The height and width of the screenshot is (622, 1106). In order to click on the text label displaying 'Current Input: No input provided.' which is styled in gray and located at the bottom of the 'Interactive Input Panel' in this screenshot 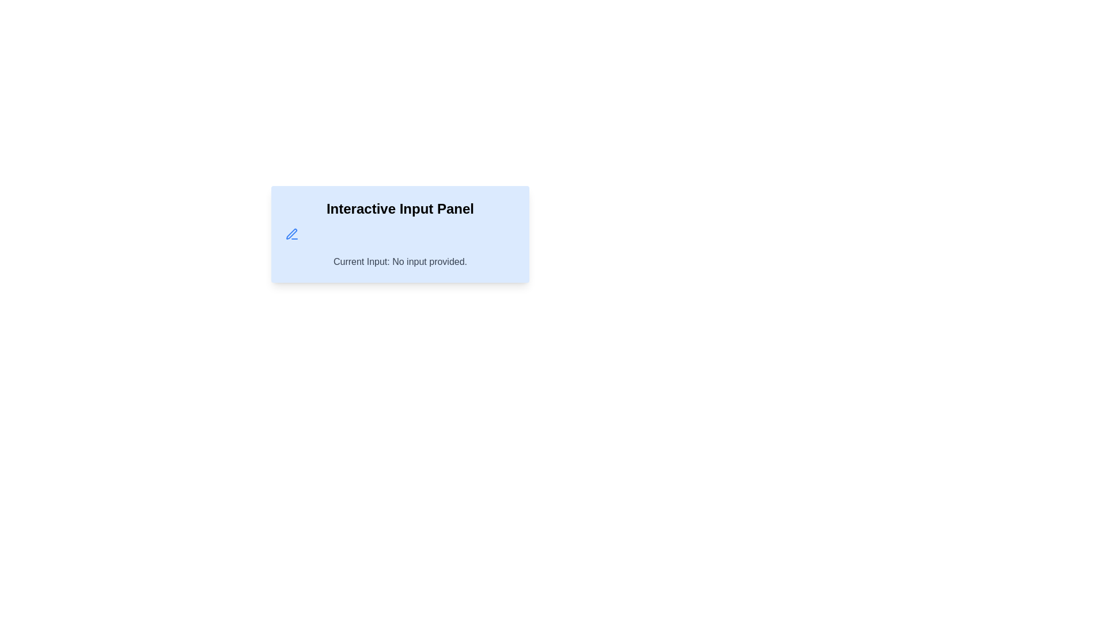, I will do `click(400, 262)`.